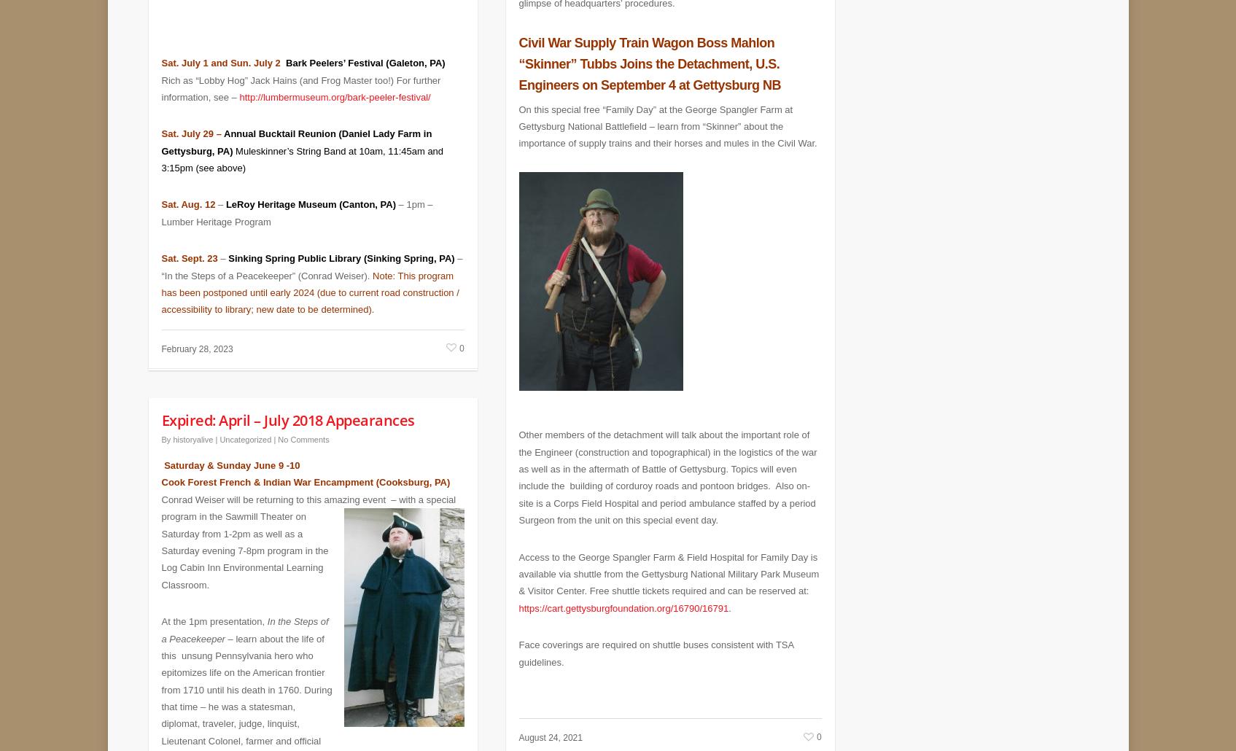 The width and height of the screenshot is (1236, 751). What do you see at coordinates (311, 256) in the screenshot?
I see `'– “In the Steps of a Peacekeeper” (Conrad Weiser).'` at bounding box center [311, 256].